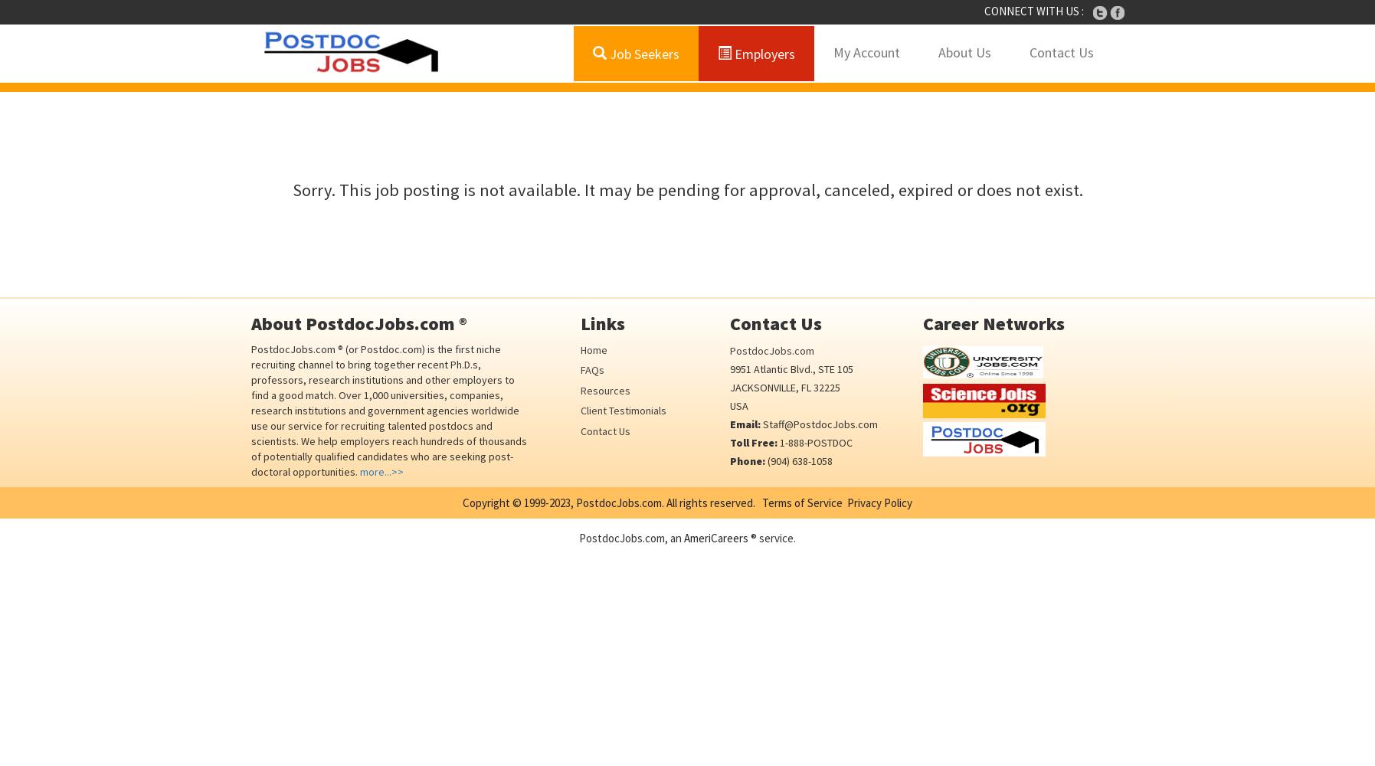  Describe the element at coordinates (752, 442) in the screenshot. I see `'Toll Free:'` at that location.